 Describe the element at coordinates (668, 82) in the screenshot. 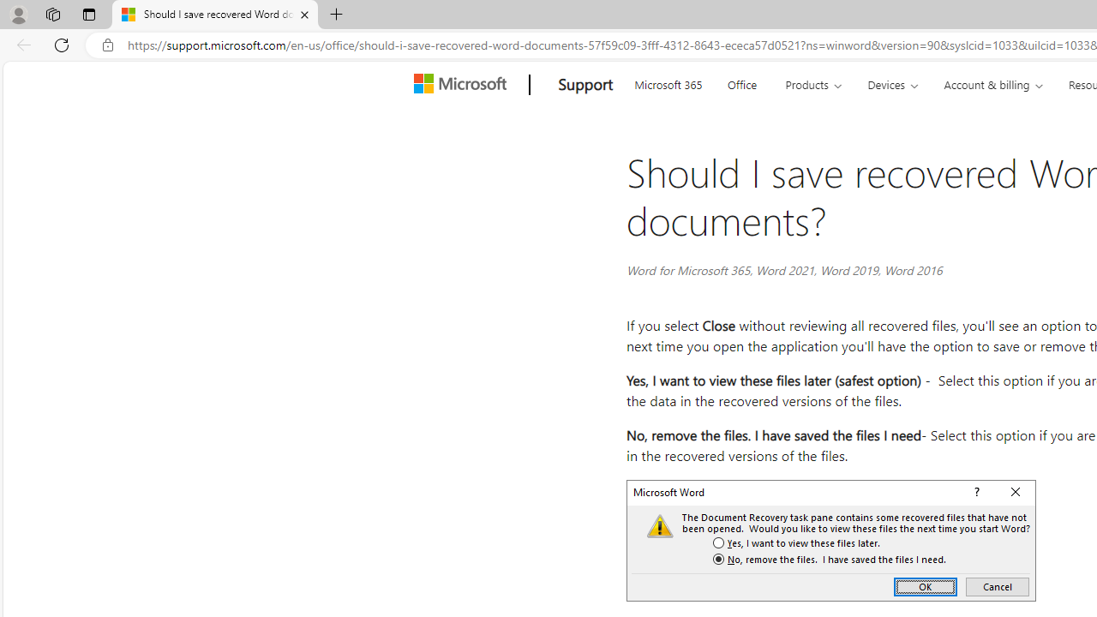

I see `'Microsoft 365'` at that location.